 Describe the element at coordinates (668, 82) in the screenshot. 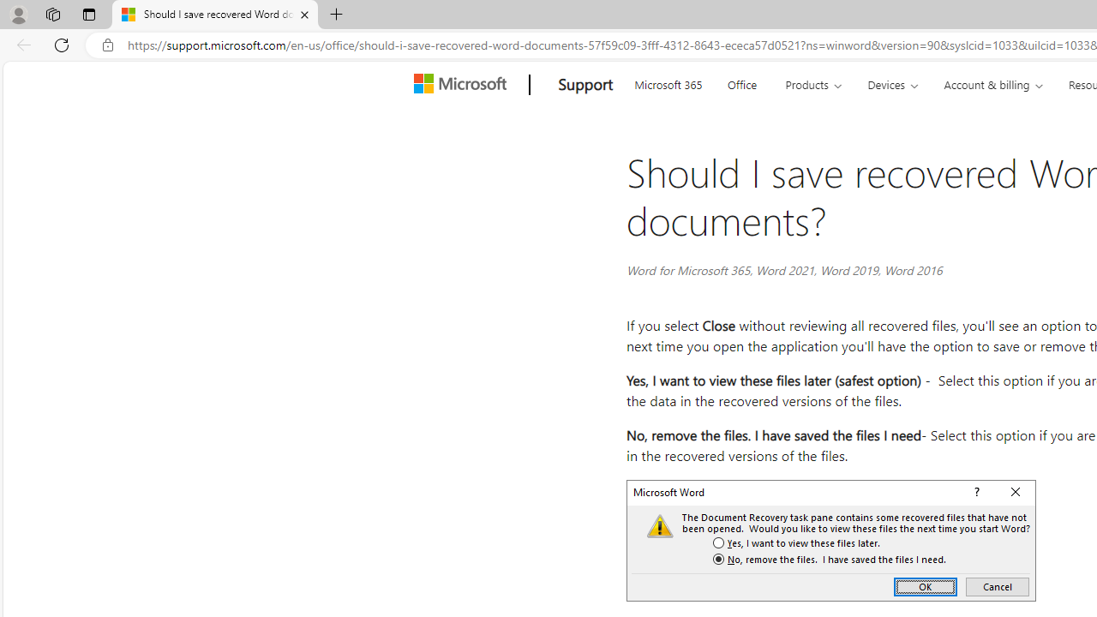

I see `'Microsoft 365'` at that location.